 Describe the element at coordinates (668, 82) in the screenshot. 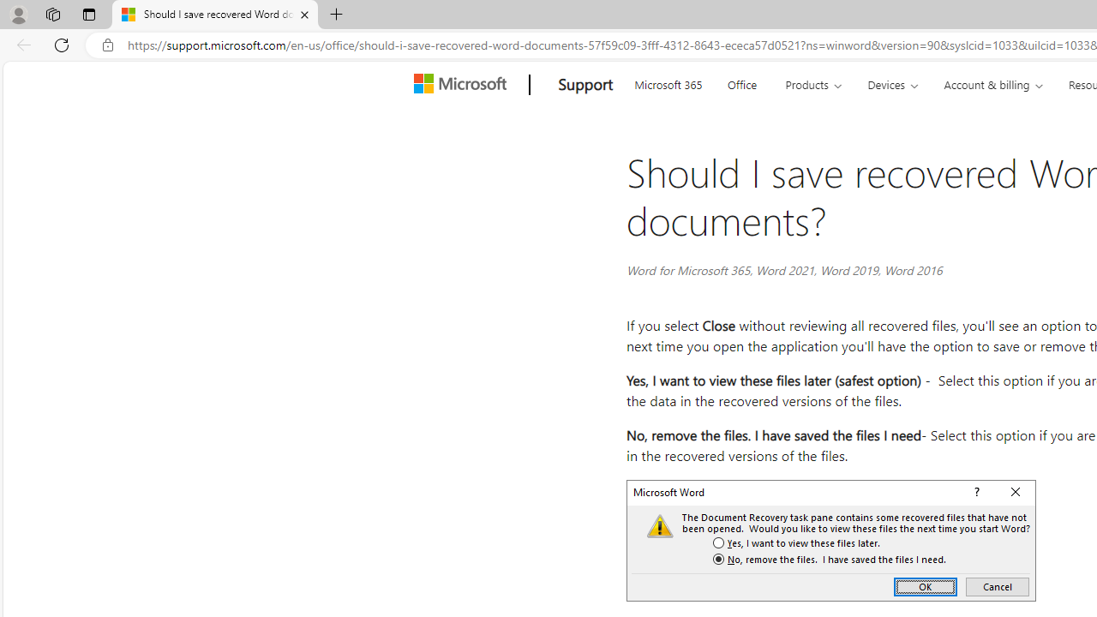

I see `'Microsoft 365'` at that location.